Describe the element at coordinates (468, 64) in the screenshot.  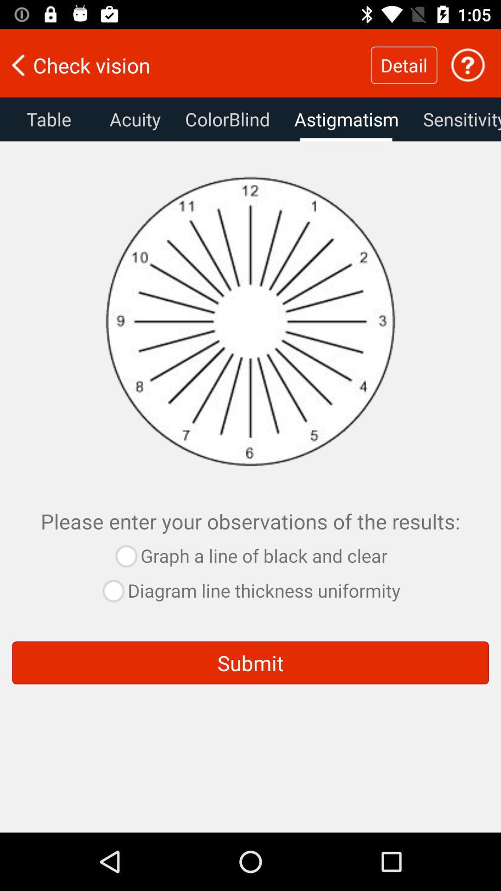
I see `the icon which is to the right side of the detail` at that location.